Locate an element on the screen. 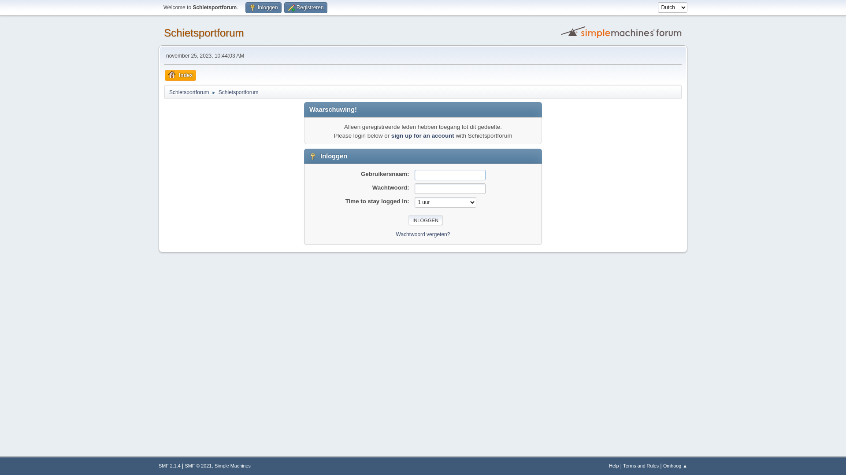 The height and width of the screenshot is (475, 846). 'sign up for an account' is located at coordinates (422, 135).